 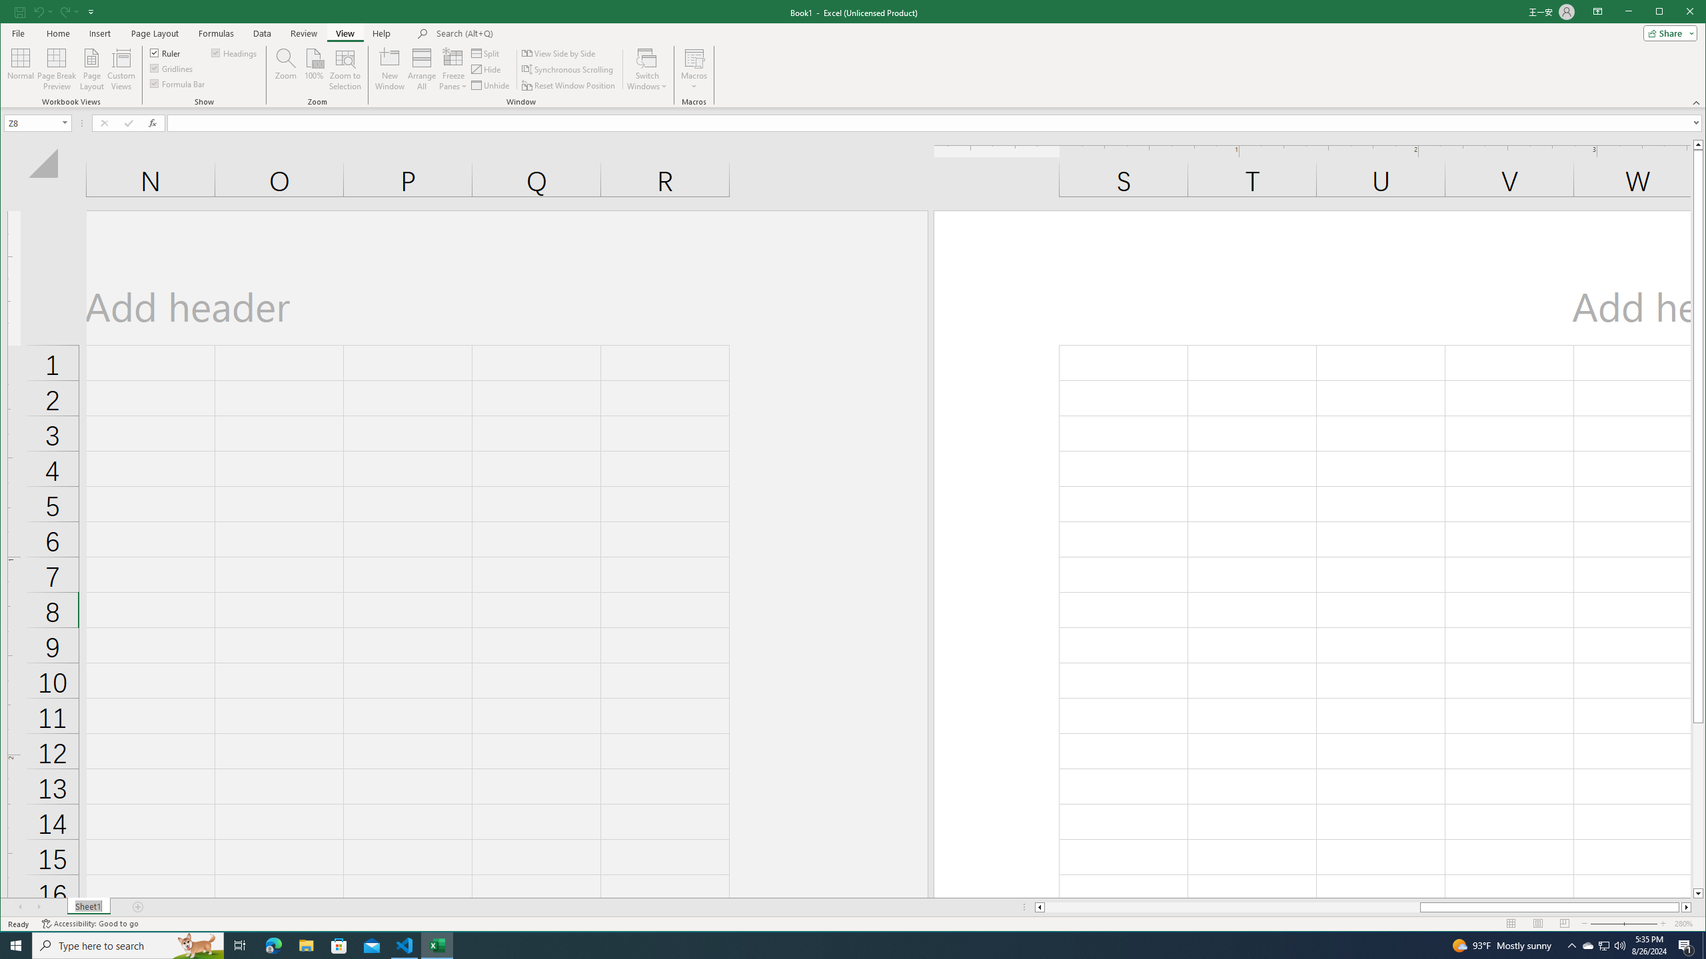 What do you see at coordinates (559, 53) in the screenshot?
I see `'View Side by Side'` at bounding box center [559, 53].